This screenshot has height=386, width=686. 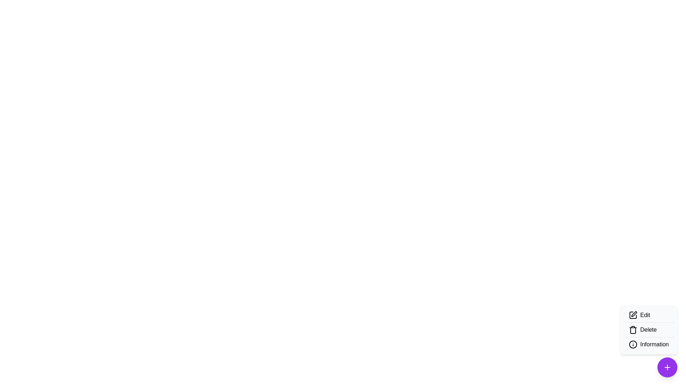 I want to click on on the 'Information' text label located at the bottom-right corner of the dropdown menu, which is styled in bold and positioned beside an information icon, so click(x=655, y=344).